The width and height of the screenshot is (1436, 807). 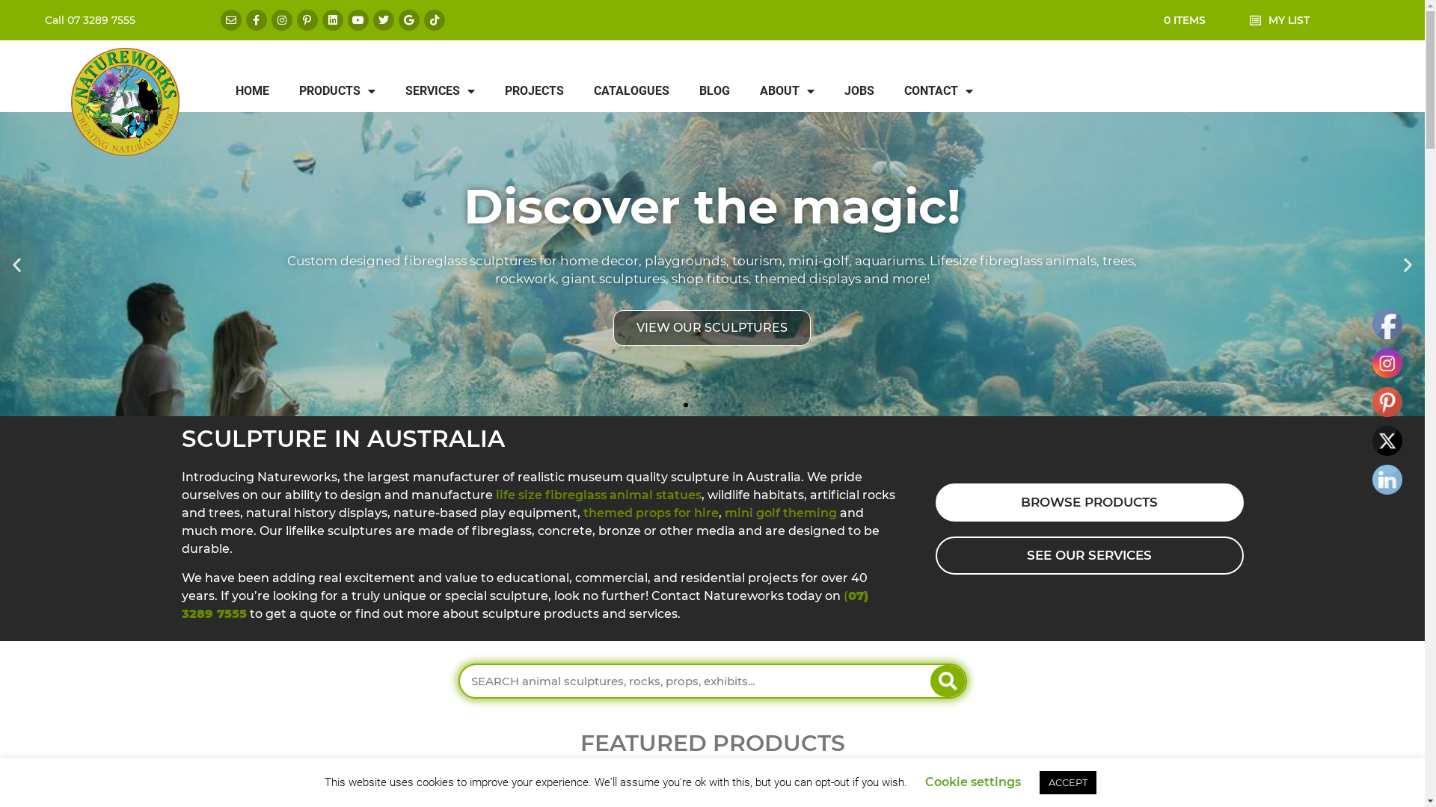 What do you see at coordinates (1088, 502) in the screenshot?
I see `'BROWSE PRODUCTS'` at bounding box center [1088, 502].